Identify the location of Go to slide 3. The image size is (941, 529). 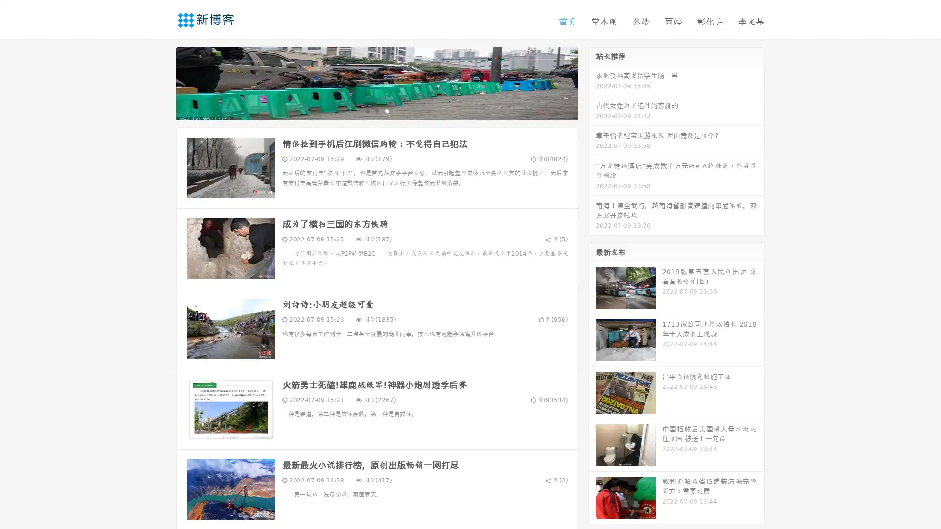
(387, 110).